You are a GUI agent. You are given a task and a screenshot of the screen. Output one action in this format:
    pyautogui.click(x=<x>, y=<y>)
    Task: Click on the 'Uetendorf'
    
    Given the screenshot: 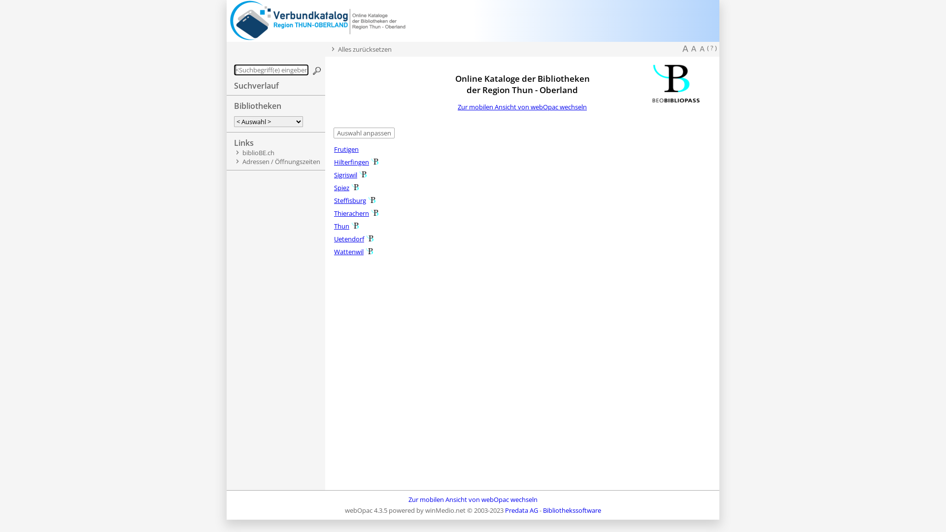 What is the action you would take?
    pyautogui.click(x=334, y=239)
    